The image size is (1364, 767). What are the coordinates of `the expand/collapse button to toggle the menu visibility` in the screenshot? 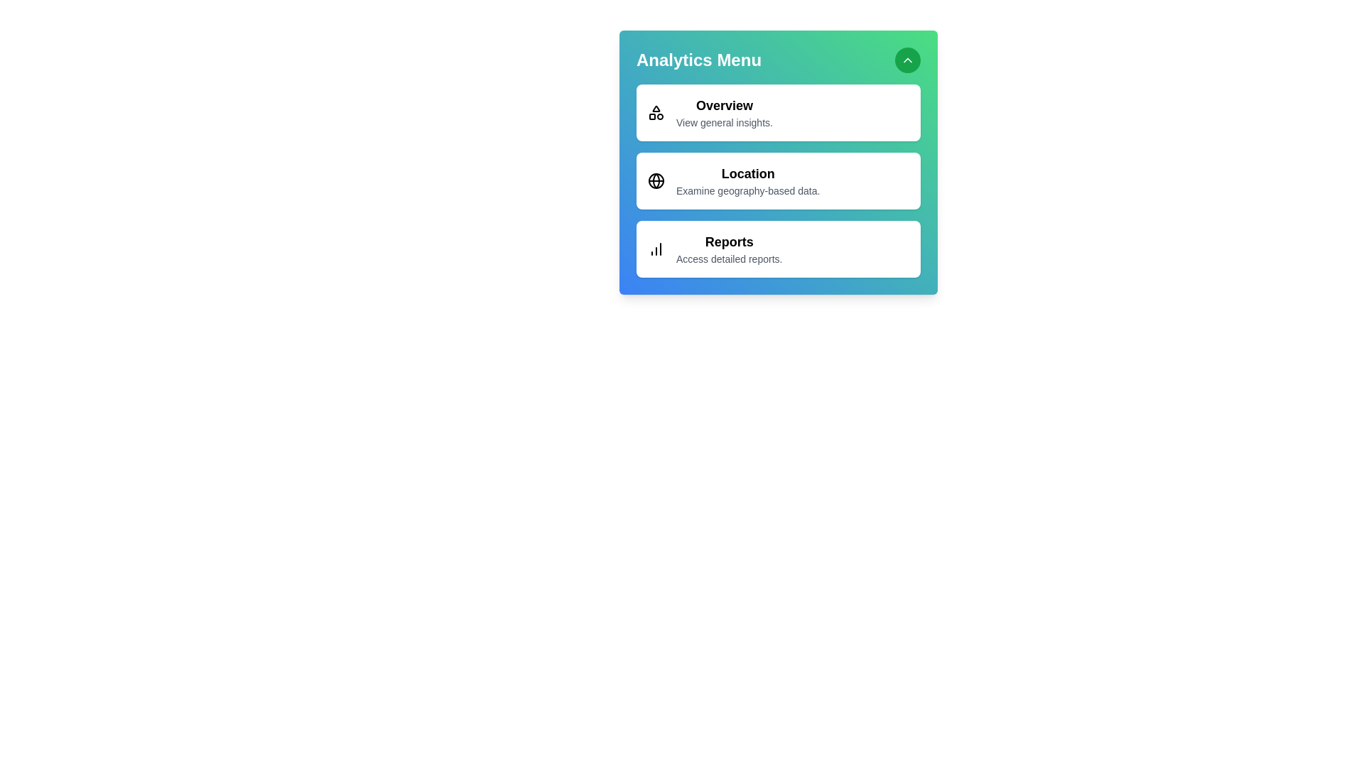 It's located at (906, 59).